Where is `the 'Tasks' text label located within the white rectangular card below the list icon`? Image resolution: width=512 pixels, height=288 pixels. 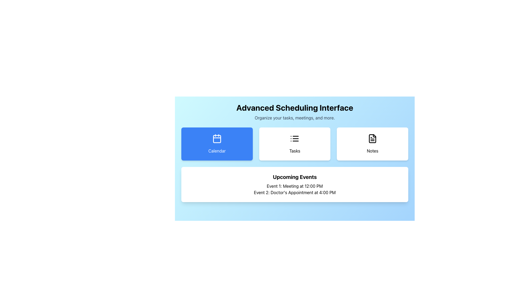 the 'Tasks' text label located within the white rectangular card below the list icon is located at coordinates (294, 151).